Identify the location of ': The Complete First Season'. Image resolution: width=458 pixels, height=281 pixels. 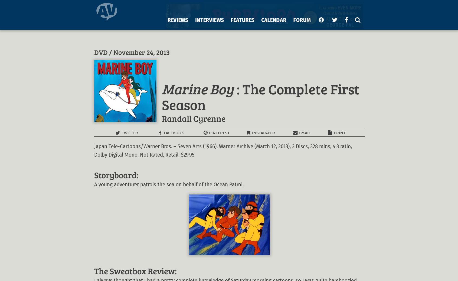
(260, 96).